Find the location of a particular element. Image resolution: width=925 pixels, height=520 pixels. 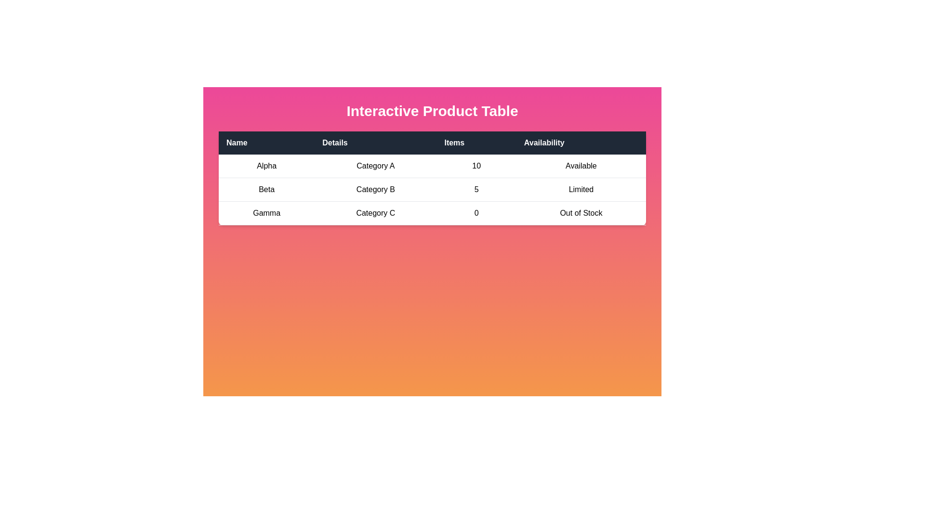

the text label displaying 'Category C' within the third table row of the 'Details' column is located at coordinates (375, 213).